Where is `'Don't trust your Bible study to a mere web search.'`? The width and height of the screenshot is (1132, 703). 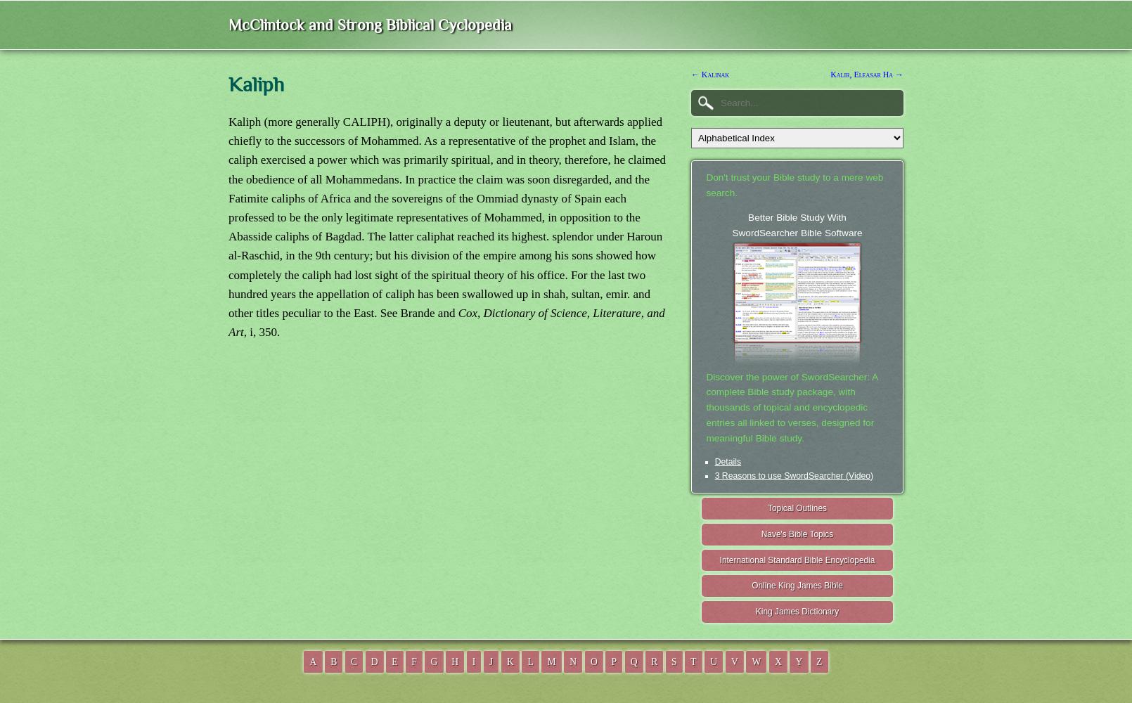
'Don't trust your Bible study to a mere web search.' is located at coordinates (794, 185).